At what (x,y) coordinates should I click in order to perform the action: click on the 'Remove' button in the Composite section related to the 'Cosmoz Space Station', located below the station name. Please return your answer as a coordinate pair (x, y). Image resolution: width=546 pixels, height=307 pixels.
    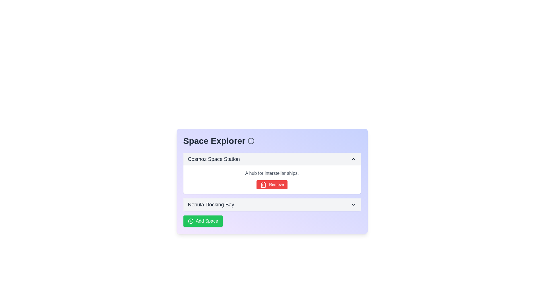
    Looking at the image, I should click on (272, 180).